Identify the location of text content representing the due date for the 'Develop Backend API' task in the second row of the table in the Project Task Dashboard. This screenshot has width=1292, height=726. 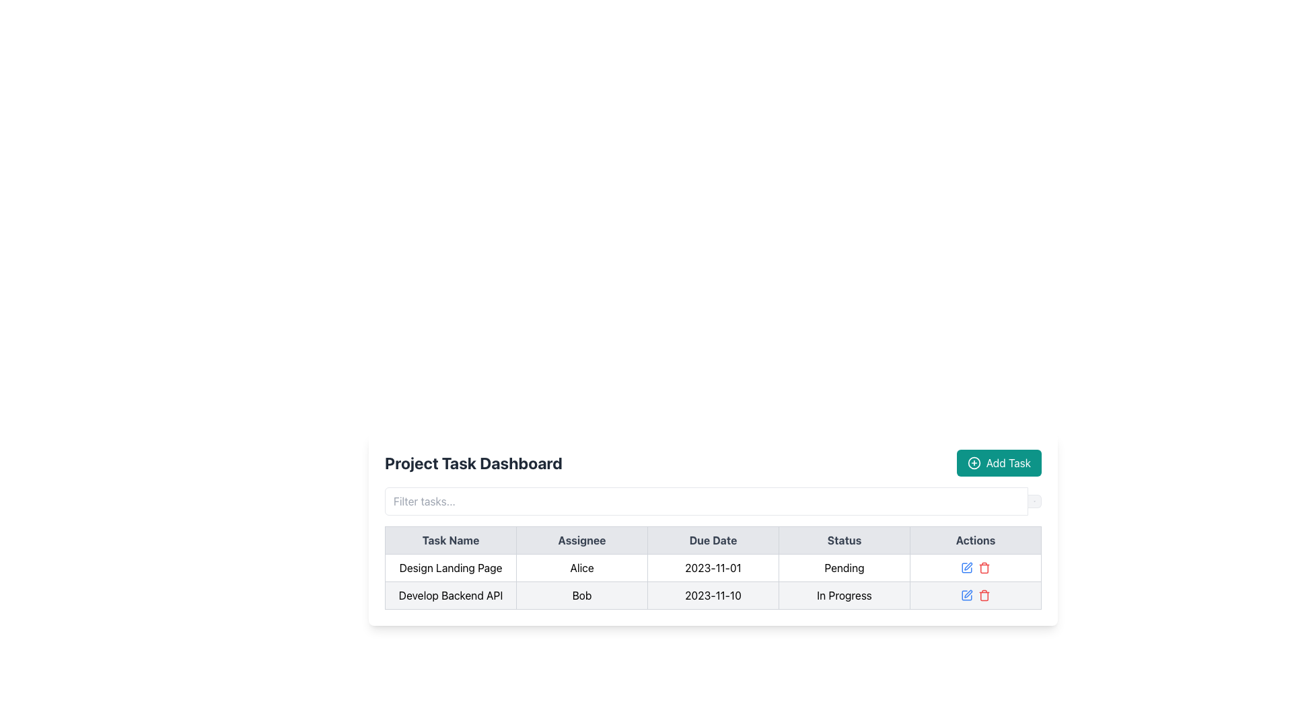
(713, 595).